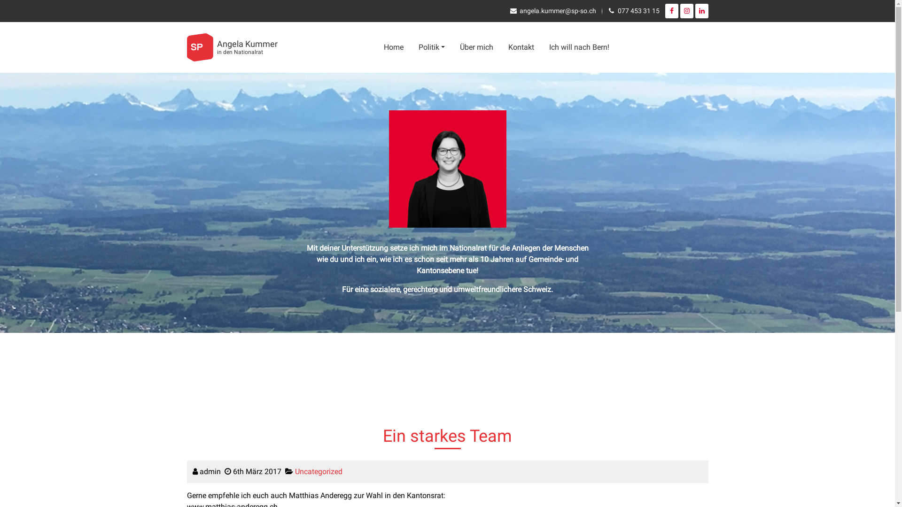 Image resolution: width=902 pixels, height=507 pixels. What do you see at coordinates (617, 11) in the screenshot?
I see `'077 453 31 15'` at bounding box center [617, 11].